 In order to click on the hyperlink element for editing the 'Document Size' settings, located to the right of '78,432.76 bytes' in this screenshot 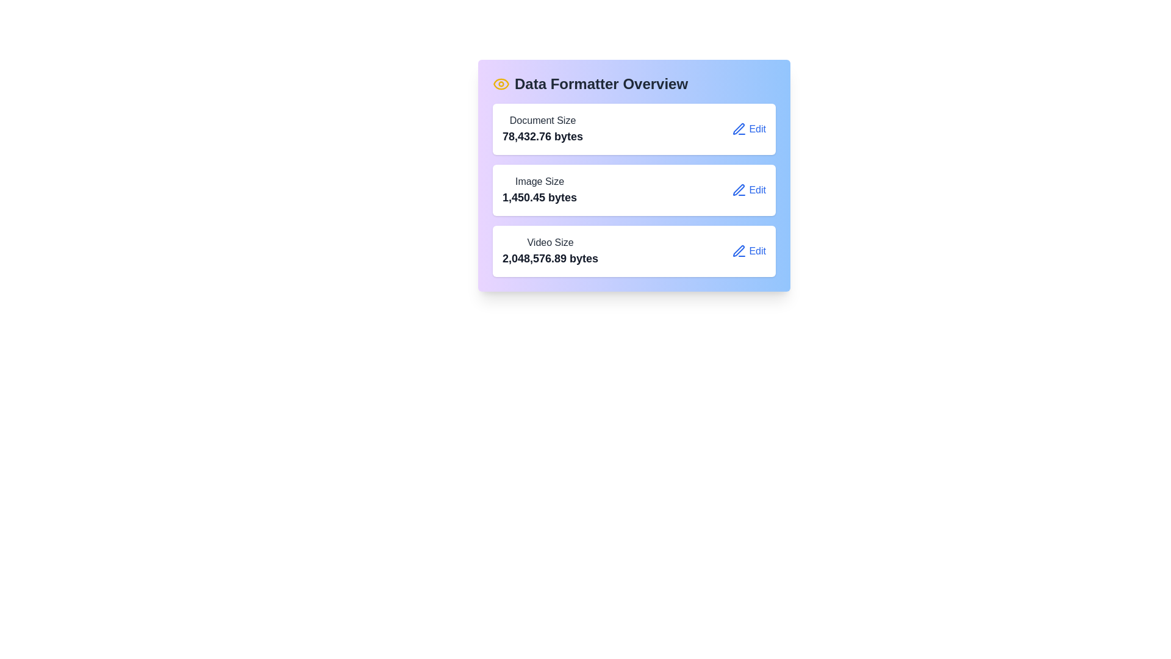, I will do `click(748, 129)`.